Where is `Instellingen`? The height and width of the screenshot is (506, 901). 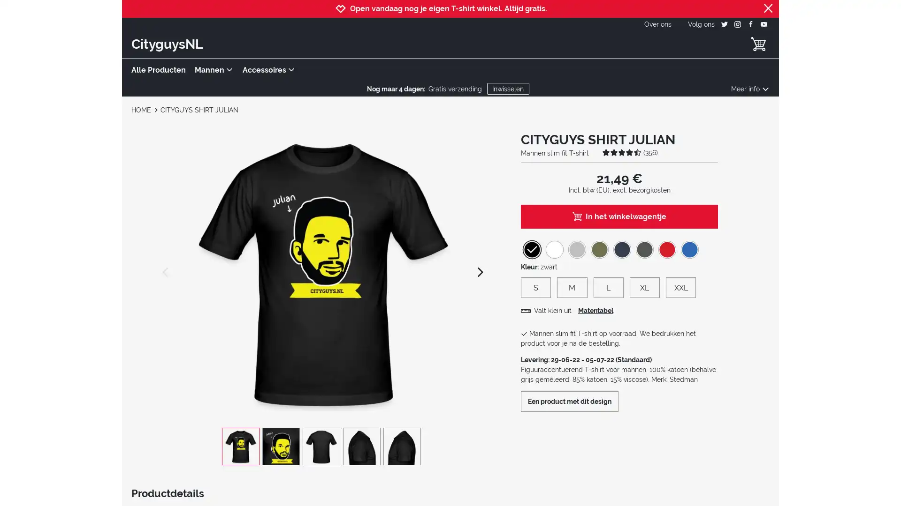
Instellingen is located at coordinates (671, 426).